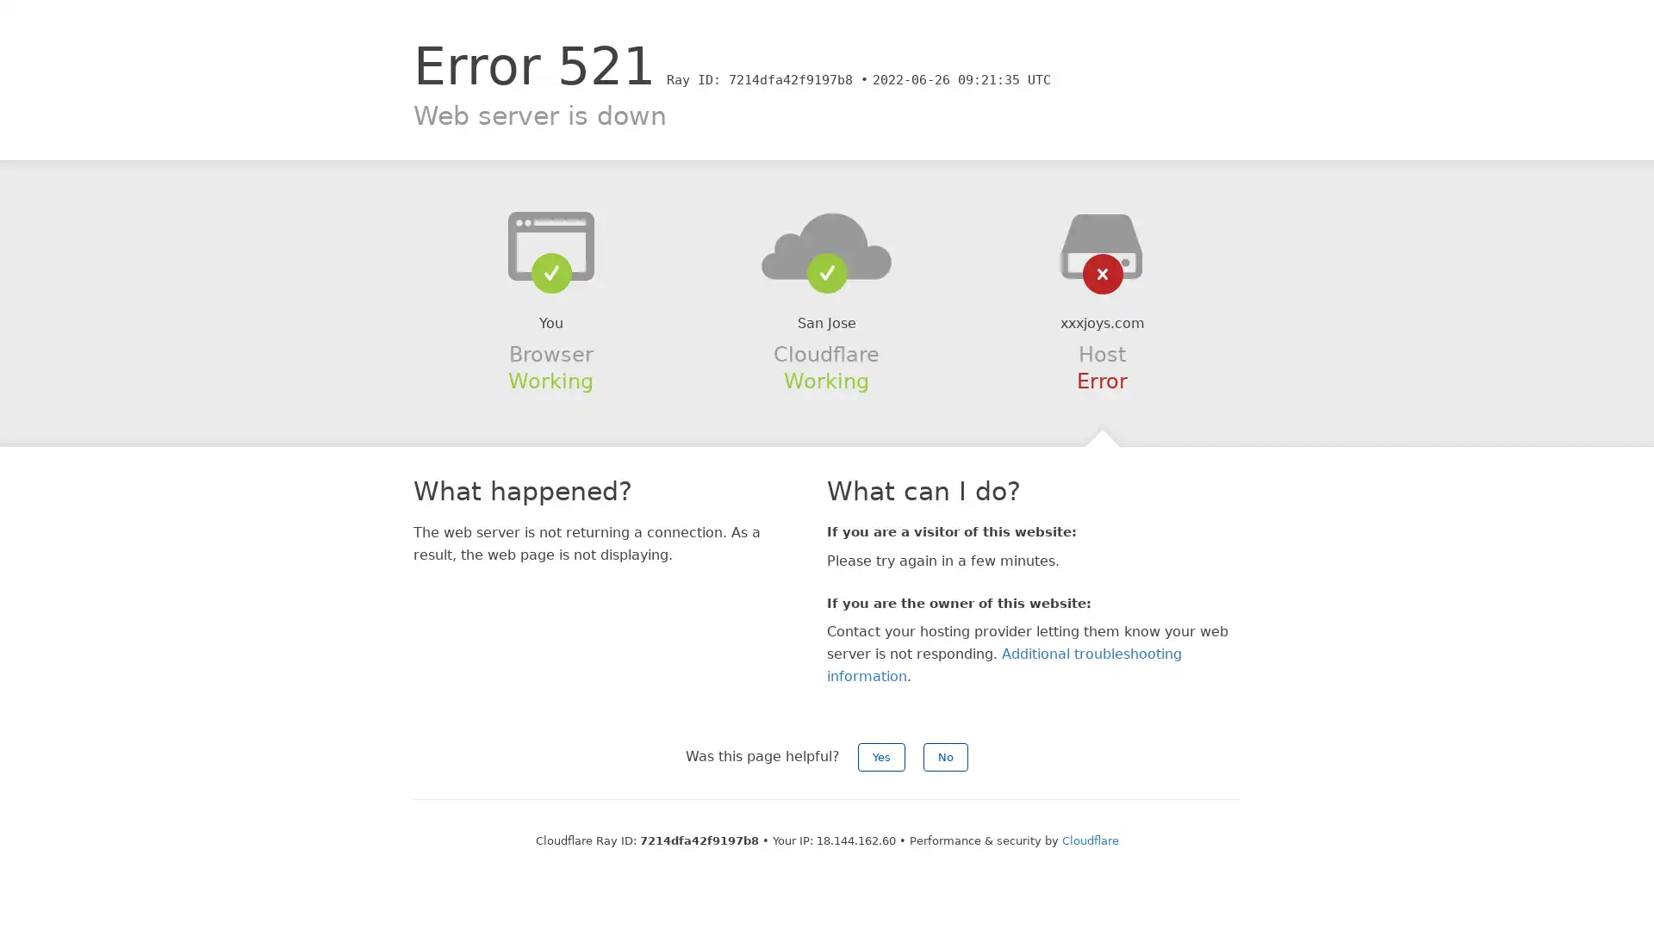 This screenshot has height=930, width=1654. I want to click on Yes, so click(881, 756).